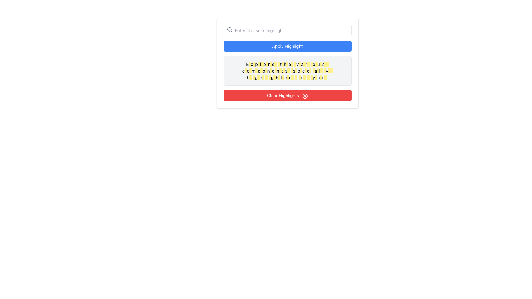  I want to click on the 8th text highlight in the third line of text, located in a light gray section below the blue 'Apply Highlight' button, so click(279, 78).